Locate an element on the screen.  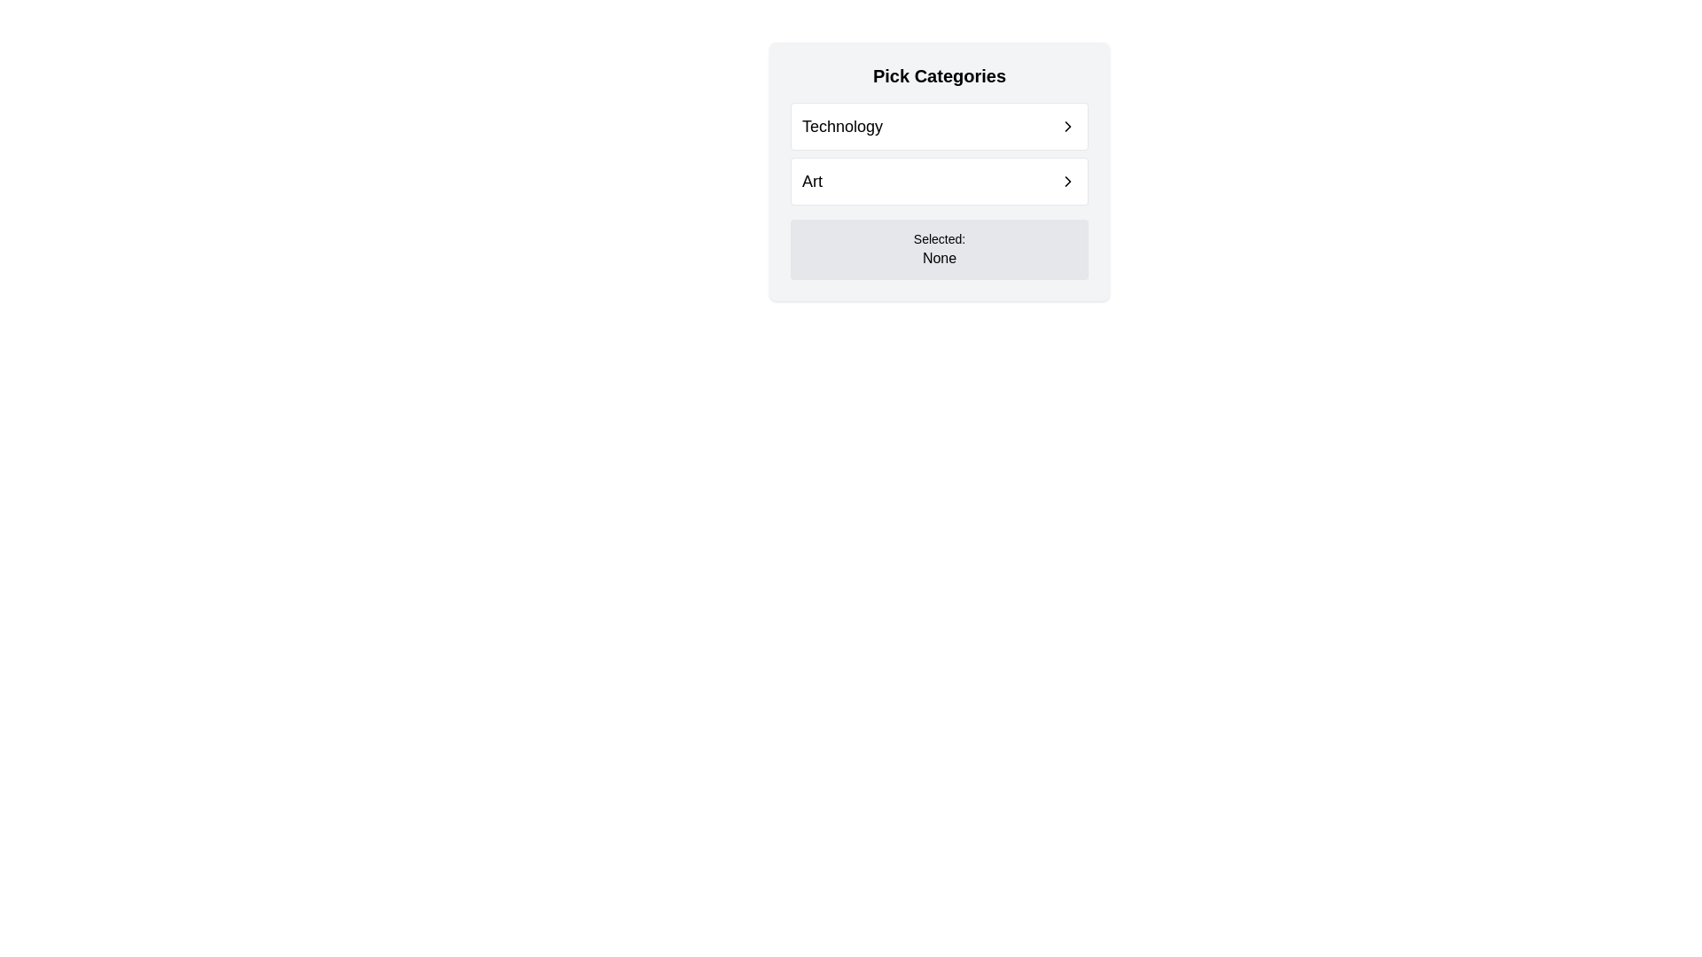
the button that serves as a navigation item related to 'Art', located directly below the 'Technology' element is located at coordinates (939, 181).